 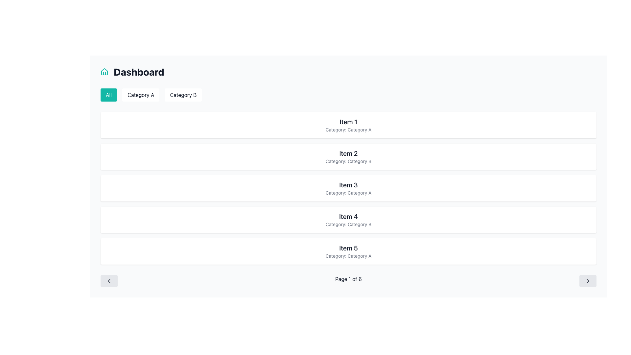 What do you see at coordinates (348, 185) in the screenshot?
I see `the text label that serves as the title for the third item in the list, positioned above the smaller text component displaying 'Category: Category A'` at bounding box center [348, 185].